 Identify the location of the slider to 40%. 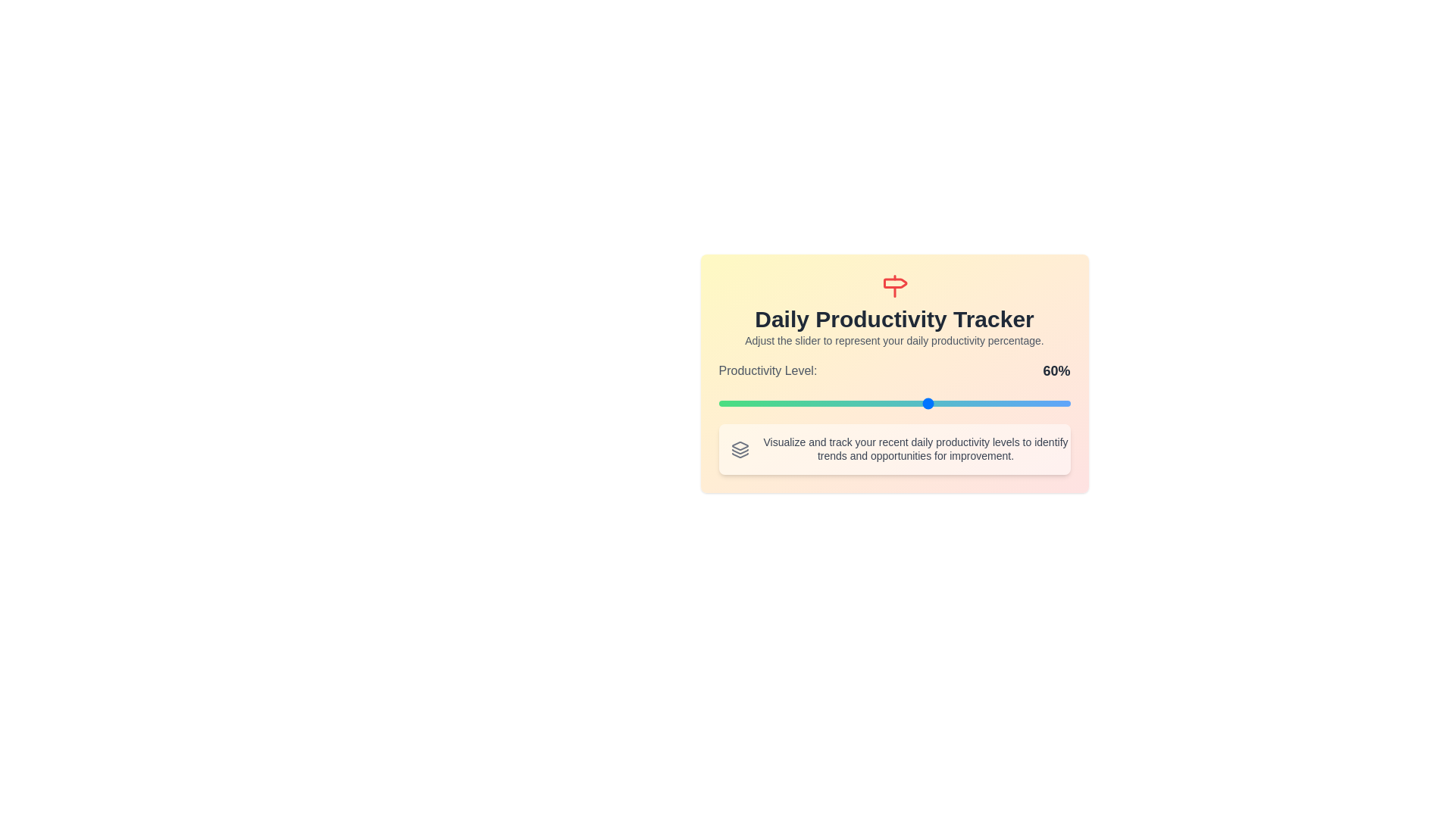
(859, 402).